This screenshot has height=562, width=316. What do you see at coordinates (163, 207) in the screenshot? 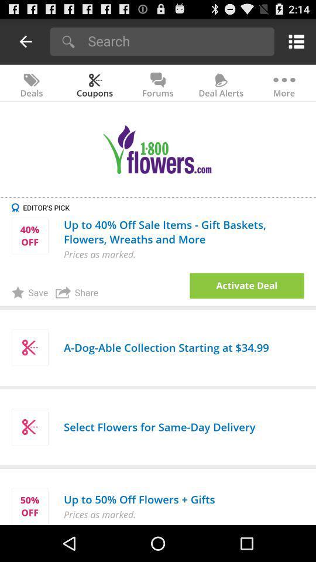
I see `editor's pick icon` at bounding box center [163, 207].